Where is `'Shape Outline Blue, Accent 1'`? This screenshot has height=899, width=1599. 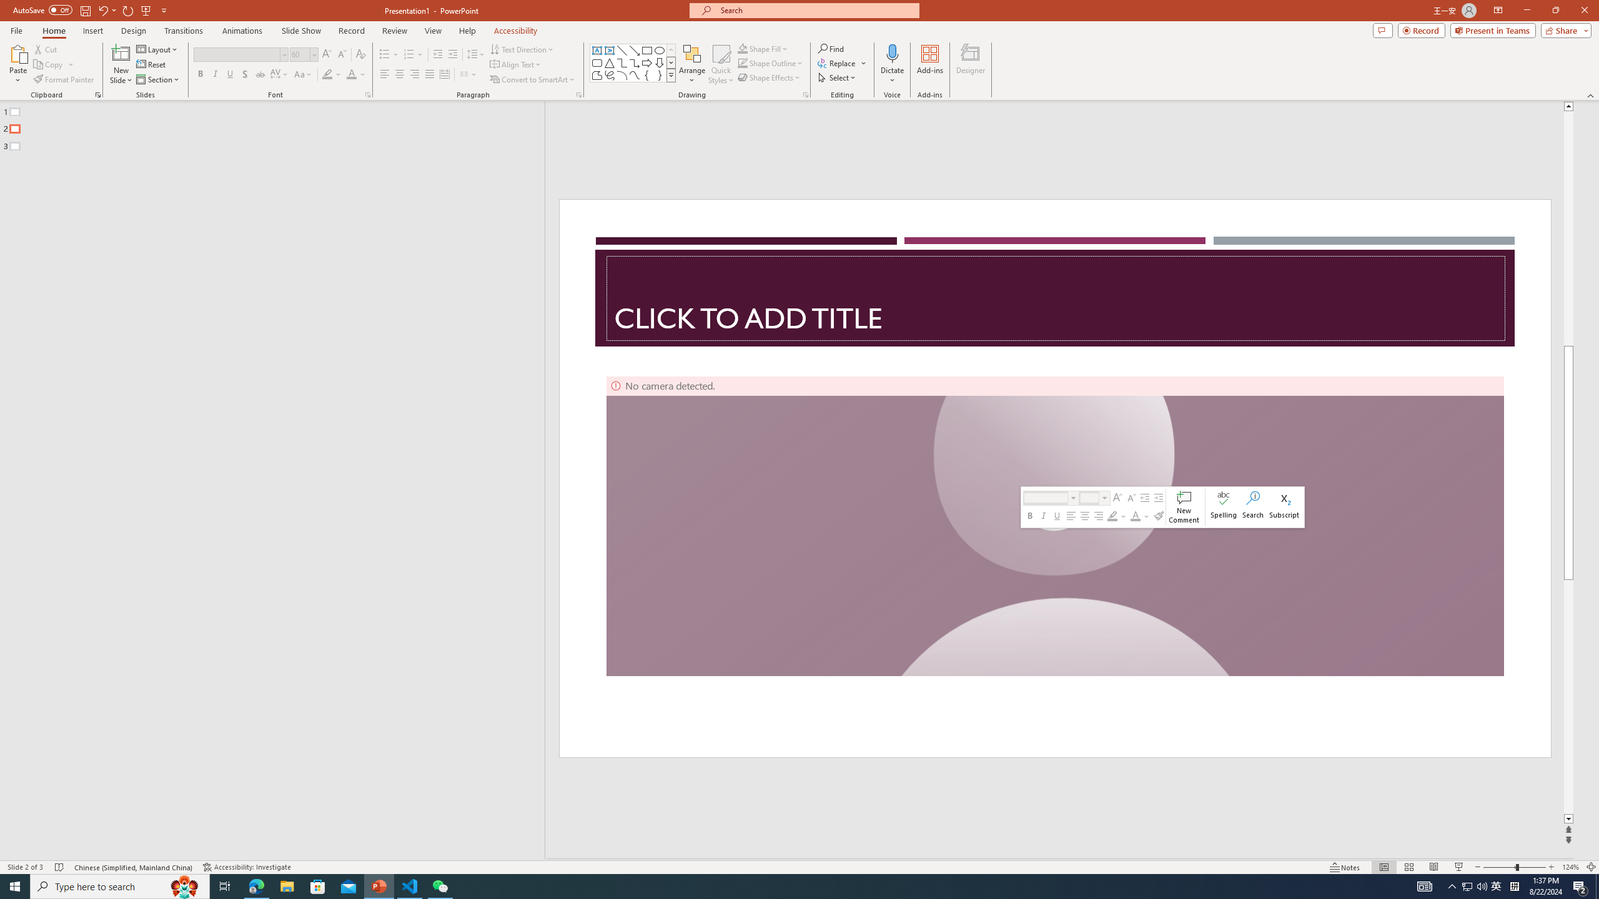
'Shape Outline Blue, Accent 1' is located at coordinates (743, 62).